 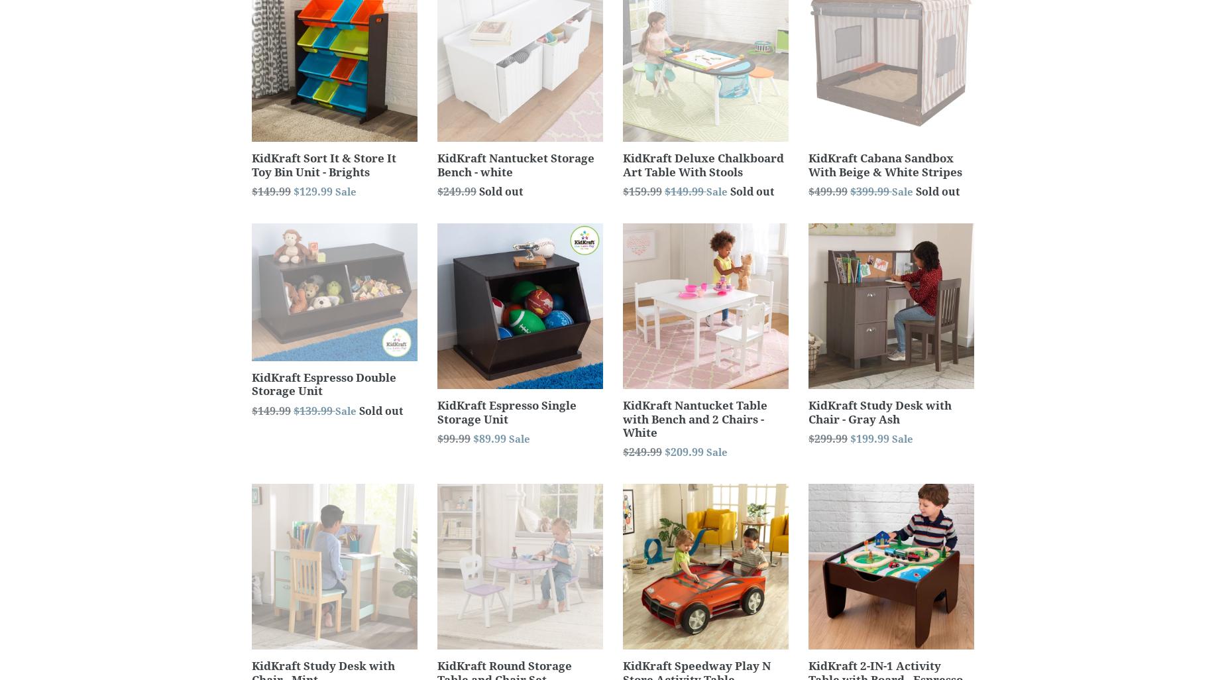 What do you see at coordinates (622, 191) in the screenshot?
I see `'$159.99'` at bounding box center [622, 191].